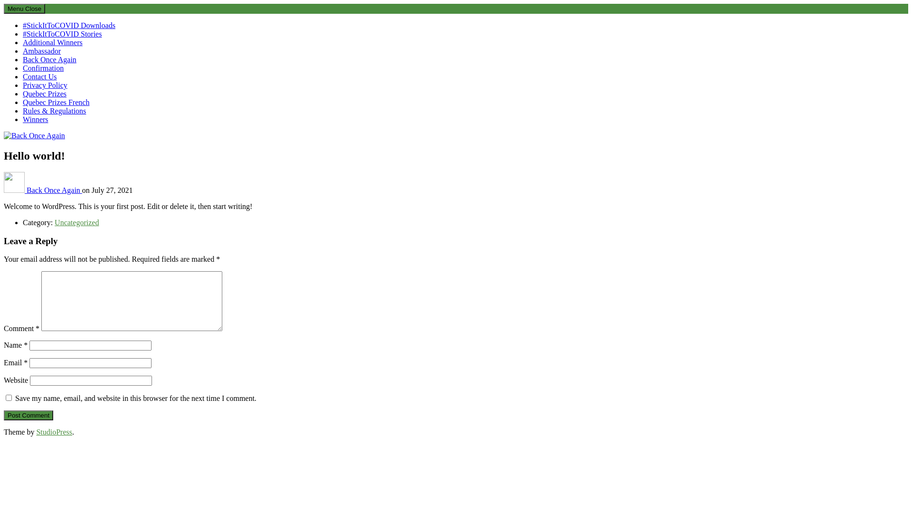  Describe the element at coordinates (54, 110) in the screenshot. I see `'Rules & Regulations'` at that location.